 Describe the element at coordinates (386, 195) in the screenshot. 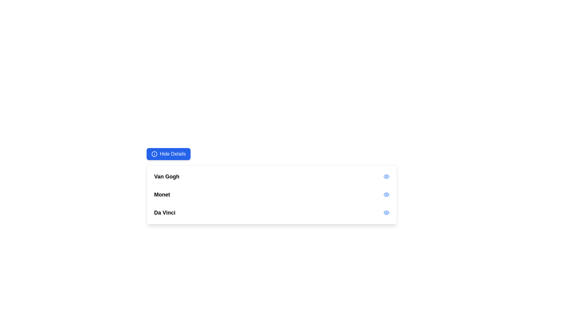

I see `the eye-shaped icon outlined in blue located at the right end of the item row labeled 'Monet'` at that location.